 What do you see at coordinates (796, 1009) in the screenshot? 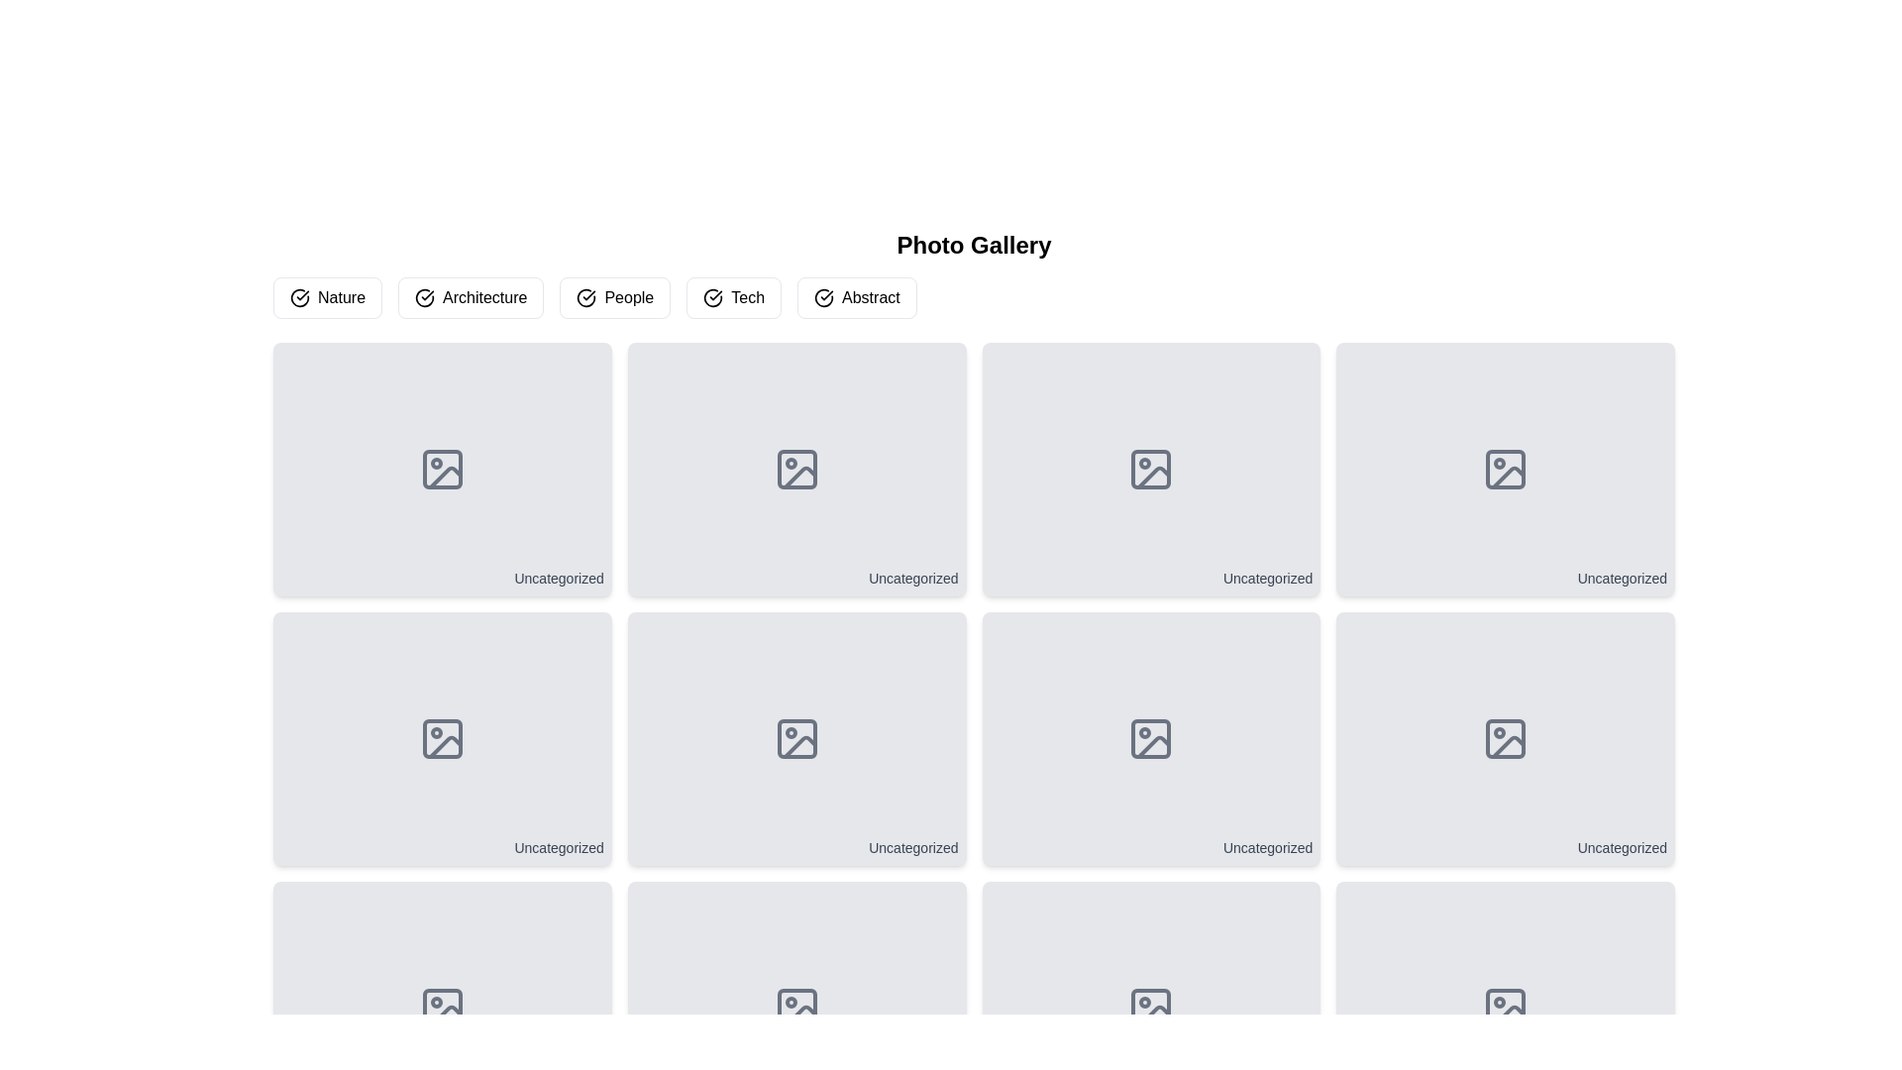
I see `the image icon located in the bottom-right grid cell of the photo gallery layout labeled 'Uncategorized'` at bounding box center [796, 1009].